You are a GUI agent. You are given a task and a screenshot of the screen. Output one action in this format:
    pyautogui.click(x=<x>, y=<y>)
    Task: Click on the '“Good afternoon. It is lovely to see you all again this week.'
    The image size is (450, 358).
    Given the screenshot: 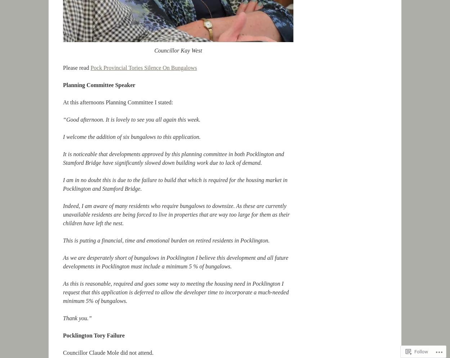 What is the action you would take?
    pyautogui.click(x=131, y=119)
    